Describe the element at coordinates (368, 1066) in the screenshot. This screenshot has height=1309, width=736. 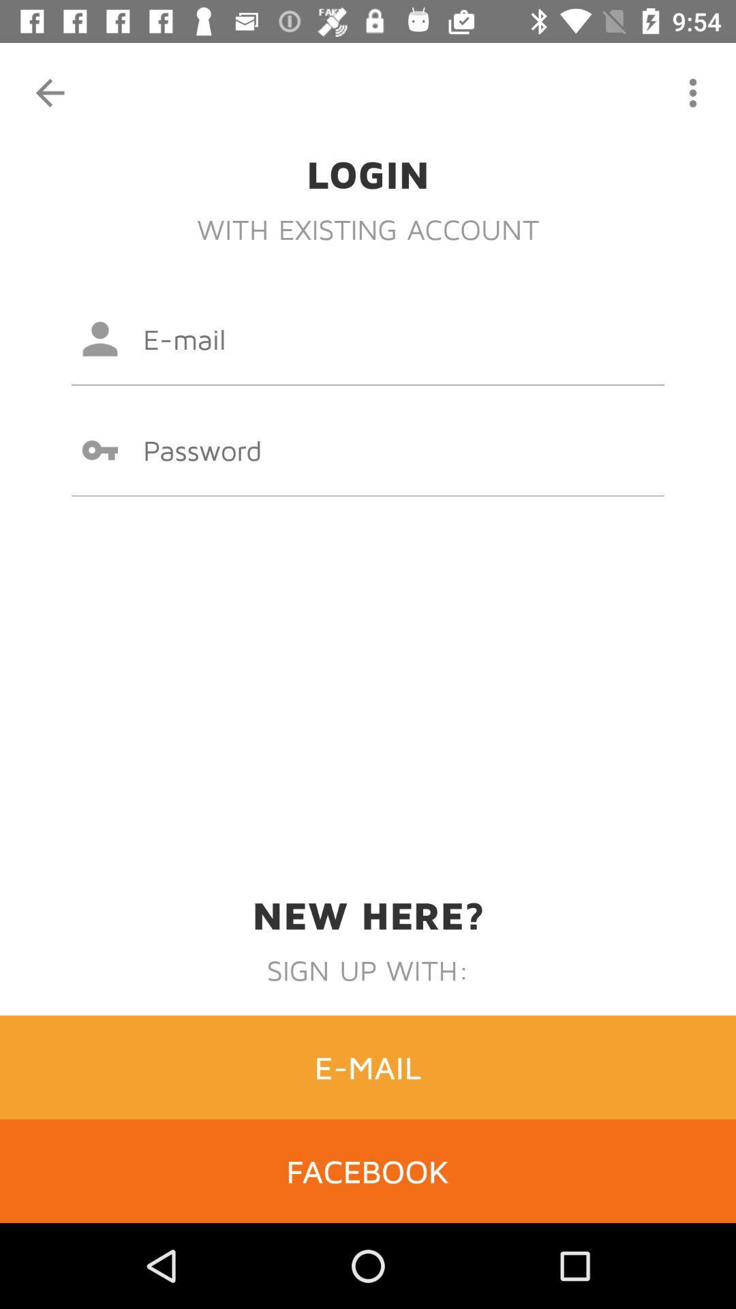
I see `the item below sign up with: icon` at that location.